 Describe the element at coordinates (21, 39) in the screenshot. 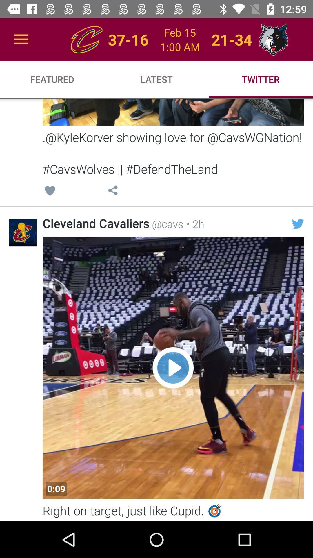

I see `the item above the featured` at that location.